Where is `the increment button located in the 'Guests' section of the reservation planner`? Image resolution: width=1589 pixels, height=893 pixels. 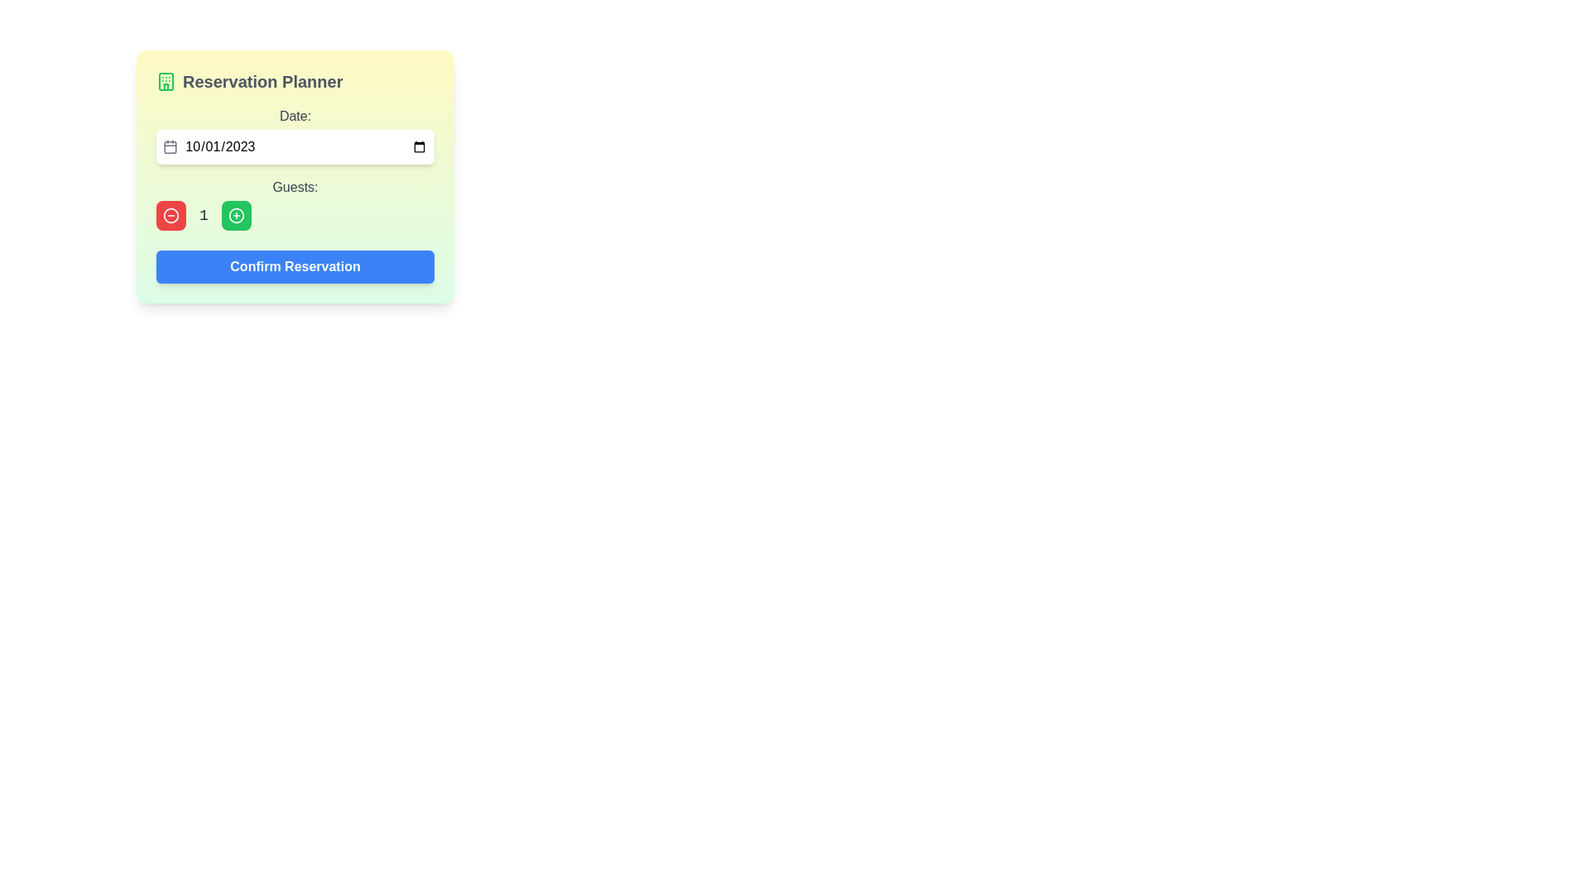 the increment button located in the 'Guests' section of the reservation planner is located at coordinates (235, 215).